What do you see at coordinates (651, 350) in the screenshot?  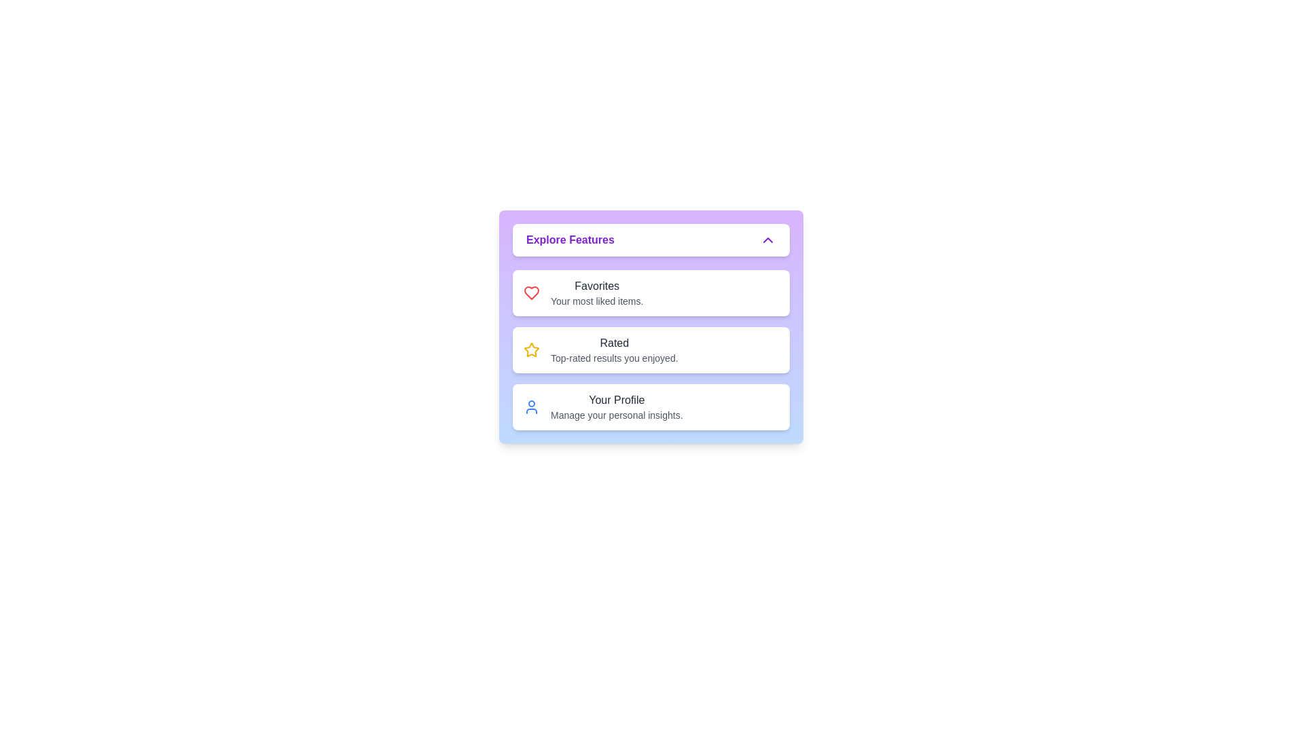 I see `the second List Item with a yellow star icon and the text 'Rated'` at bounding box center [651, 350].